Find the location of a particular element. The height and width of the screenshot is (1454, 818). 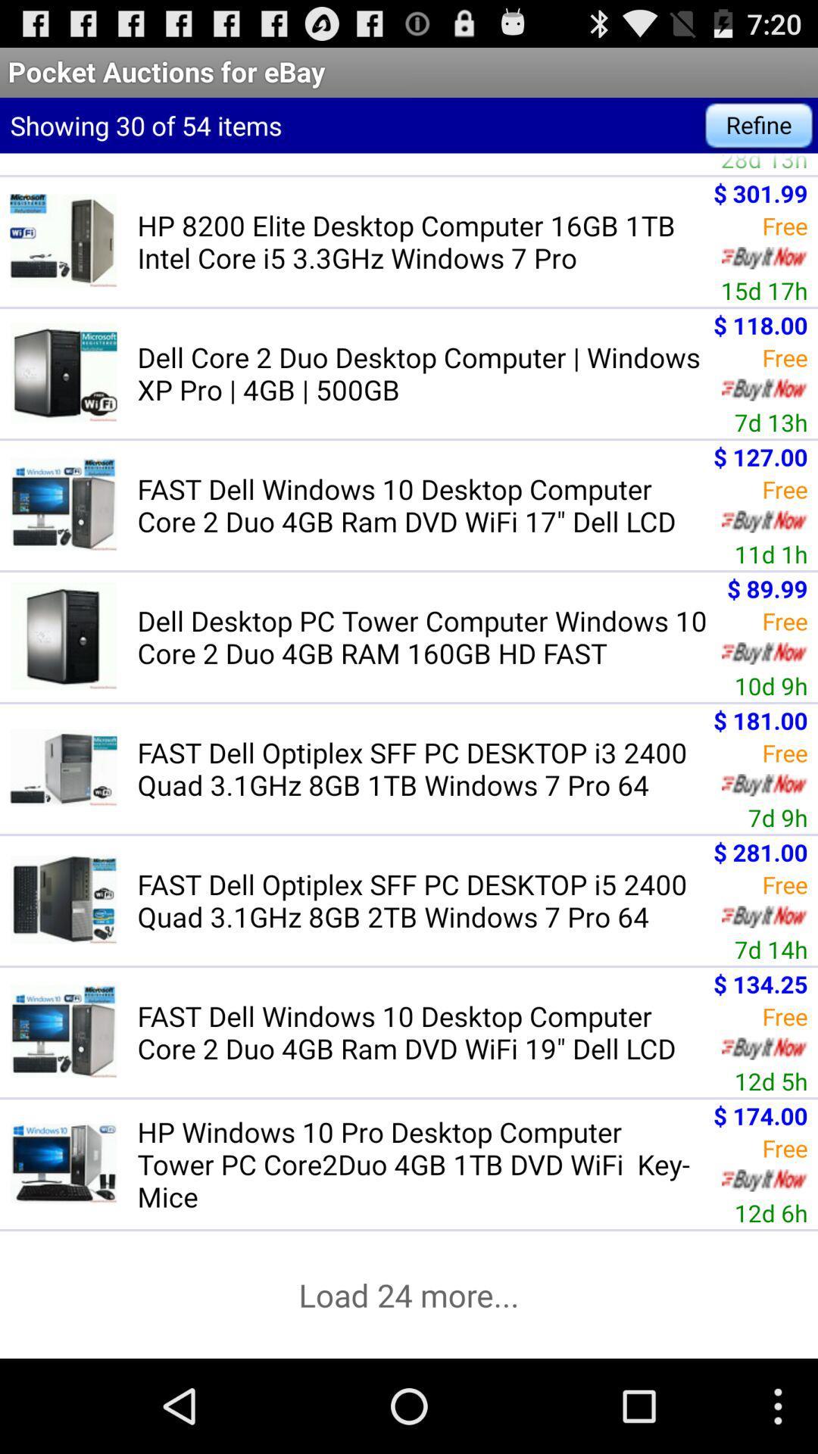

app above the $ 134.25 item is located at coordinates (771, 948).